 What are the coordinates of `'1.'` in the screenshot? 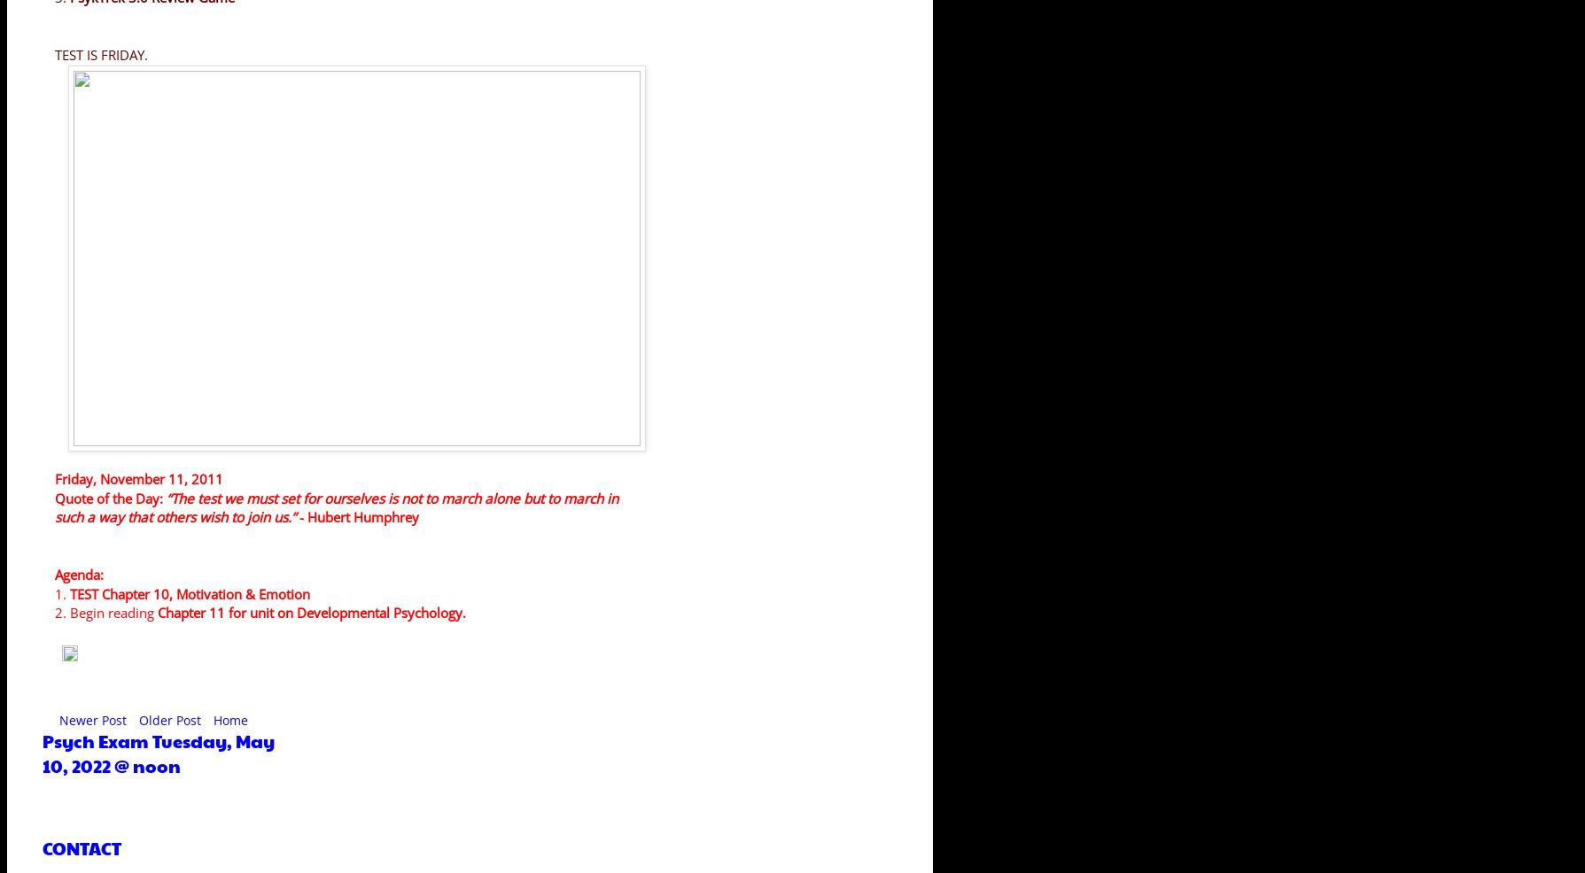 It's located at (62, 592).